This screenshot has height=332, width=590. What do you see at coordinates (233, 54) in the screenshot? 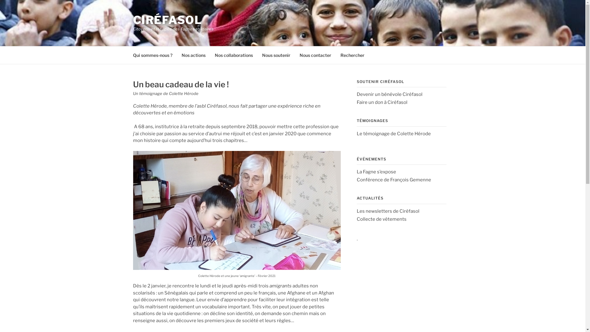
I see `'Nos collaborations'` at bounding box center [233, 54].